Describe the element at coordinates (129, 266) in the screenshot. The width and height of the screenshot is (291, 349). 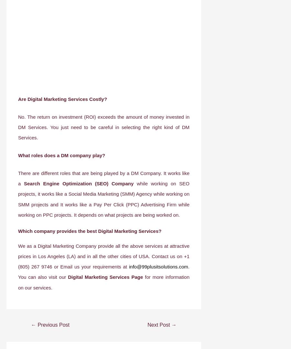
I see `'info@99plusitsolutions.com'` at that location.